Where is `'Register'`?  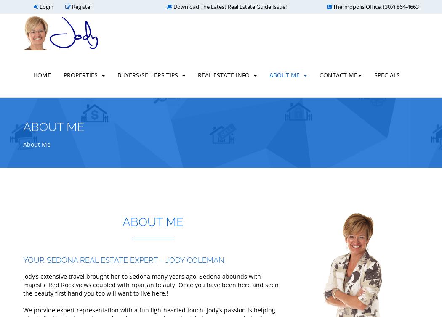
'Register' is located at coordinates (81, 6).